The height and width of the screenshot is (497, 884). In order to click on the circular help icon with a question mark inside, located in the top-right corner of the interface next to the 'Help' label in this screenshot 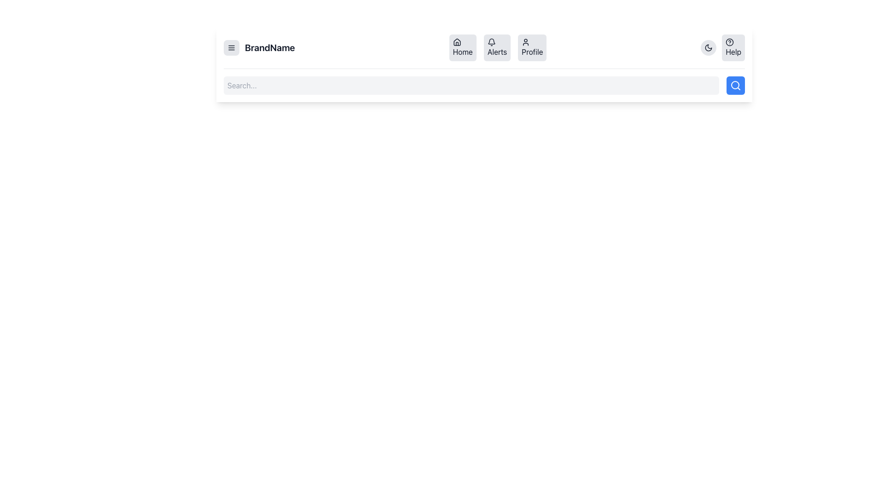, I will do `click(729, 42)`.